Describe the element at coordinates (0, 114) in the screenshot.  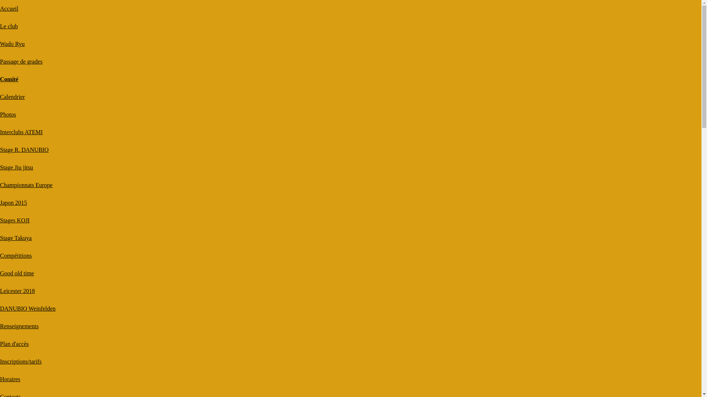
I see `'Photos'` at that location.